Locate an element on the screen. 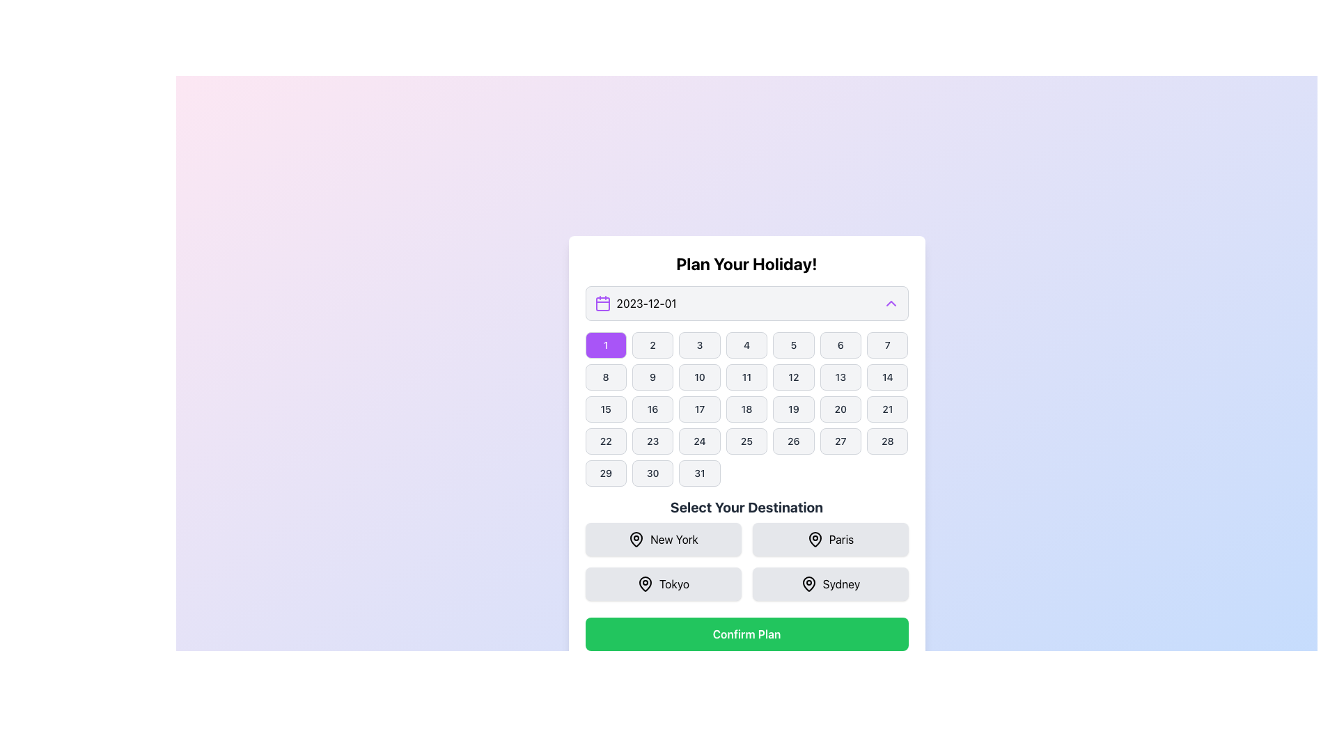 This screenshot has width=1337, height=752. the stylized pin icon located in the second row, first column of the destination selection buttons, beneath the 'Select Your Destination' heading is located at coordinates (644, 583).